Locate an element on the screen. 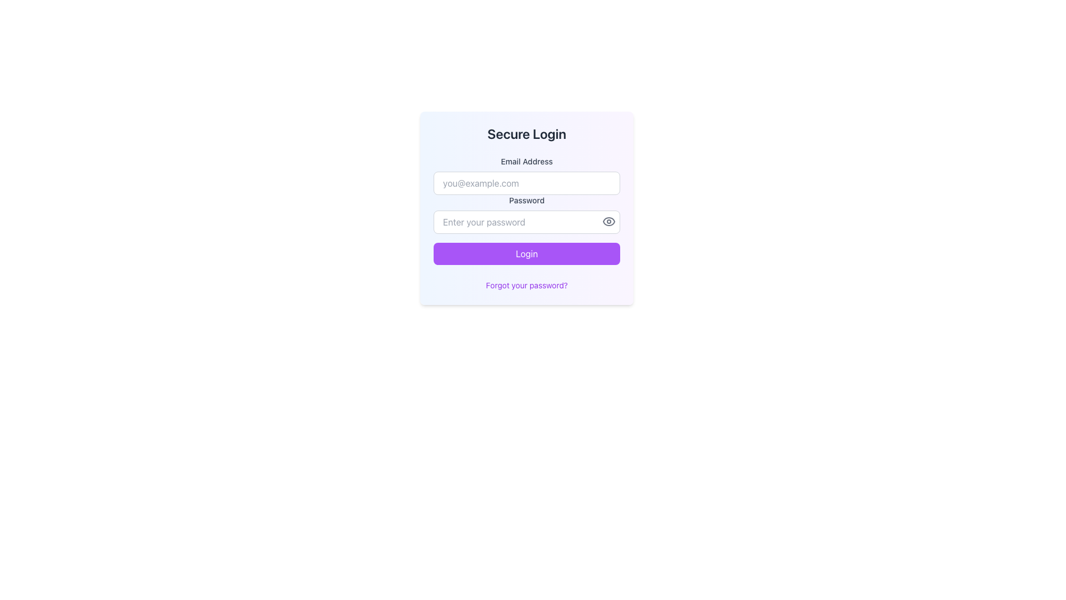 This screenshot has width=1066, height=600. the toggle visibility button located at the top-right corner of the password input field is located at coordinates (609, 221).